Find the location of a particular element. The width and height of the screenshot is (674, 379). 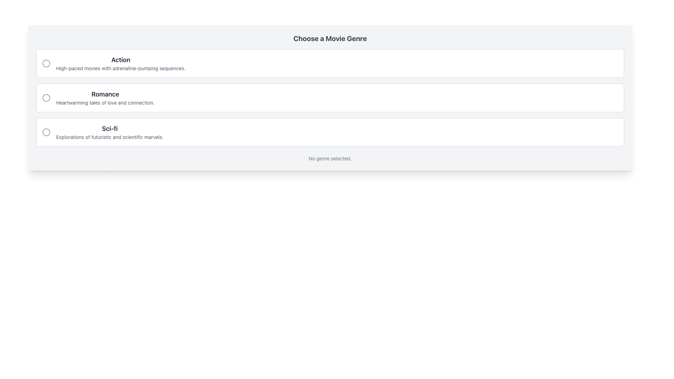

the center of the radio button indicator for the 'Sci-fi' option is located at coordinates (46, 132).